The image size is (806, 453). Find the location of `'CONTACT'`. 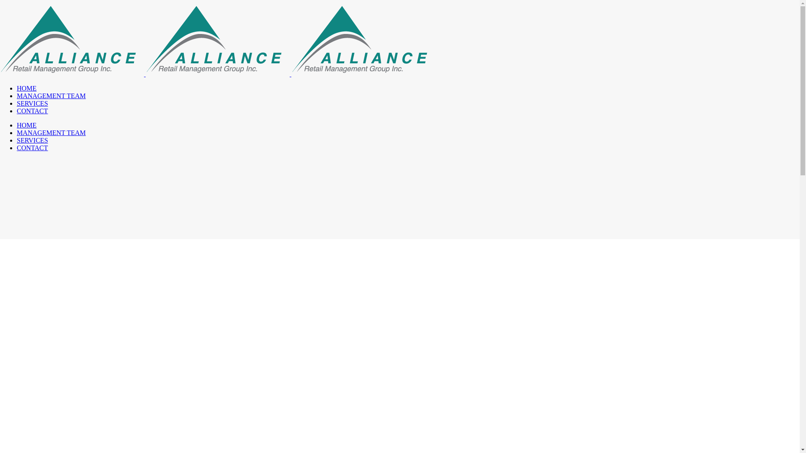

'CONTACT' is located at coordinates (32, 147).